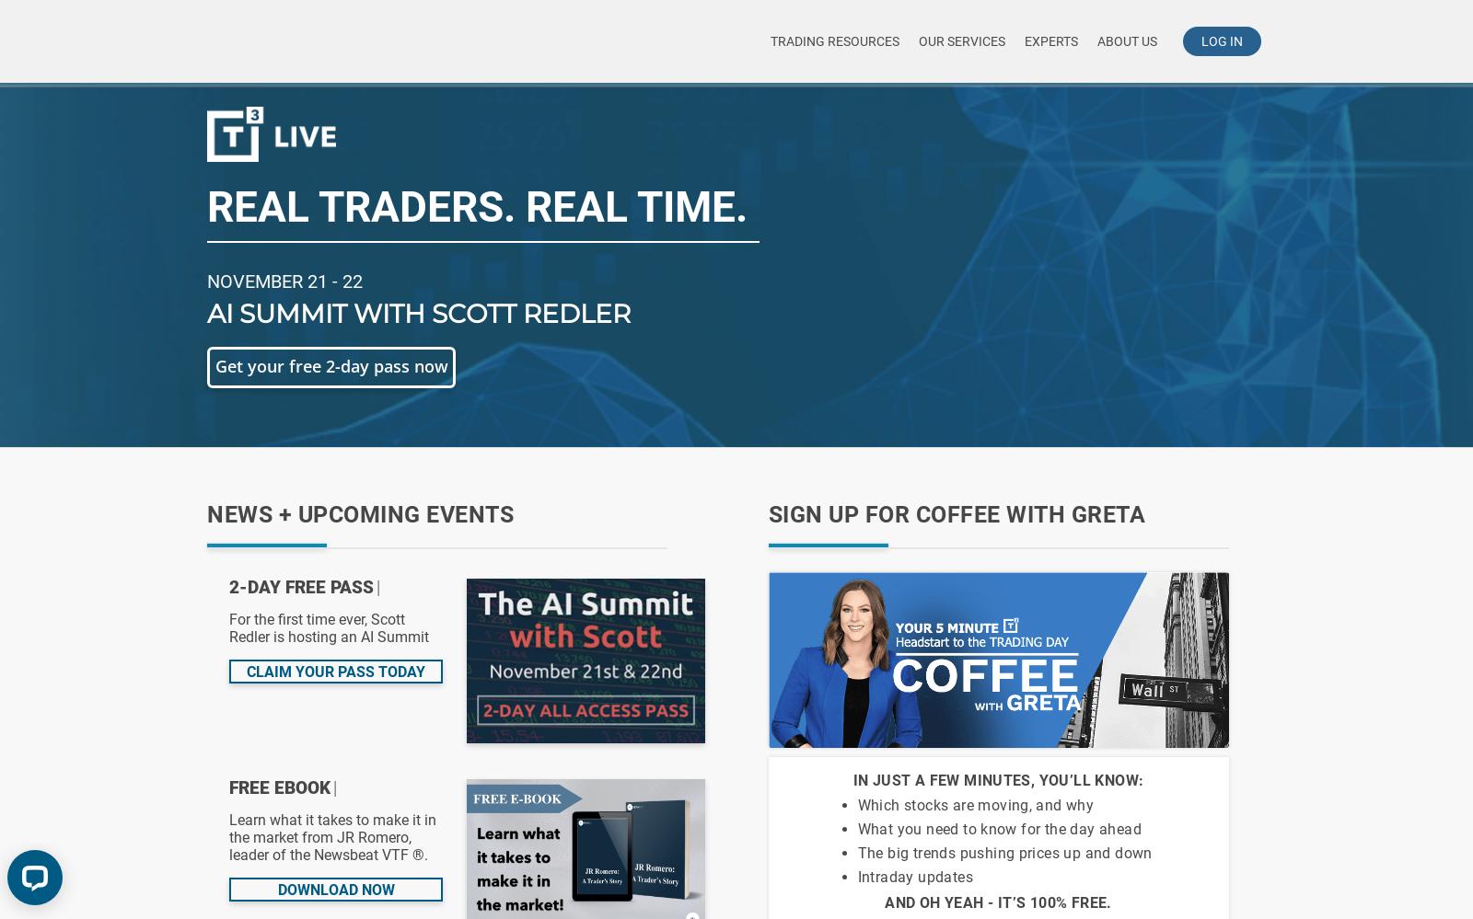 Image resolution: width=1473 pixels, height=919 pixels. Describe the element at coordinates (335, 671) in the screenshot. I see `'Claim your pass today'` at that location.